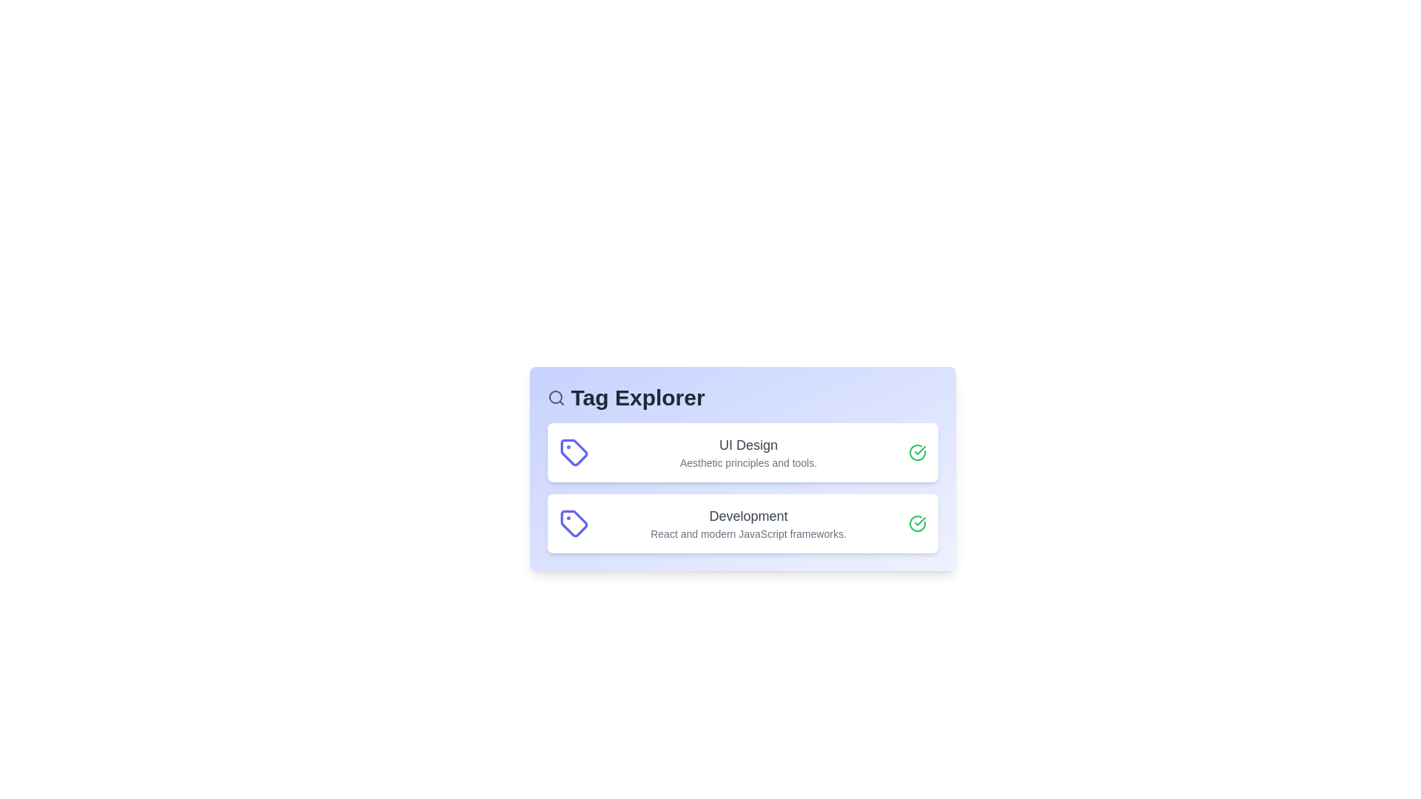  Describe the element at coordinates (916, 523) in the screenshot. I see `the green checkmark associated with Development` at that location.